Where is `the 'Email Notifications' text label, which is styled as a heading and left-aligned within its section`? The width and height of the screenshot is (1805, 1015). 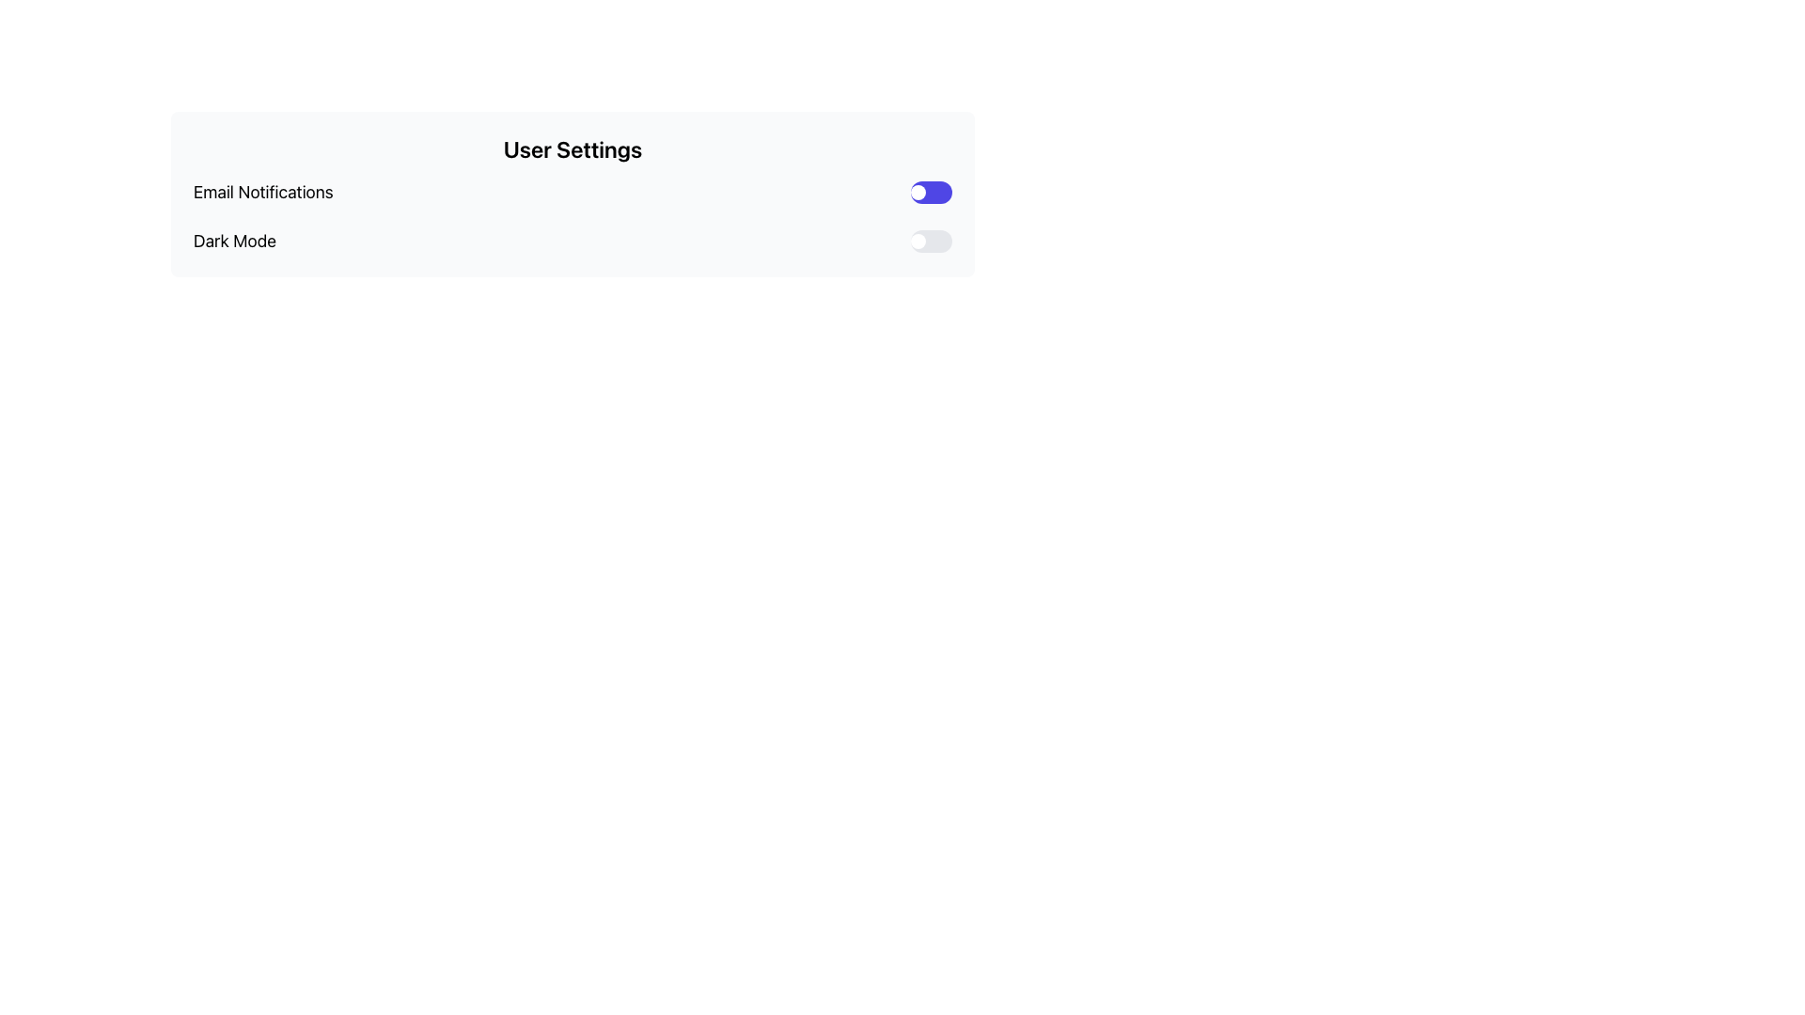 the 'Email Notifications' text label, which is styled as a heading and left-aligned within its section is located at coordinates (262, 192).